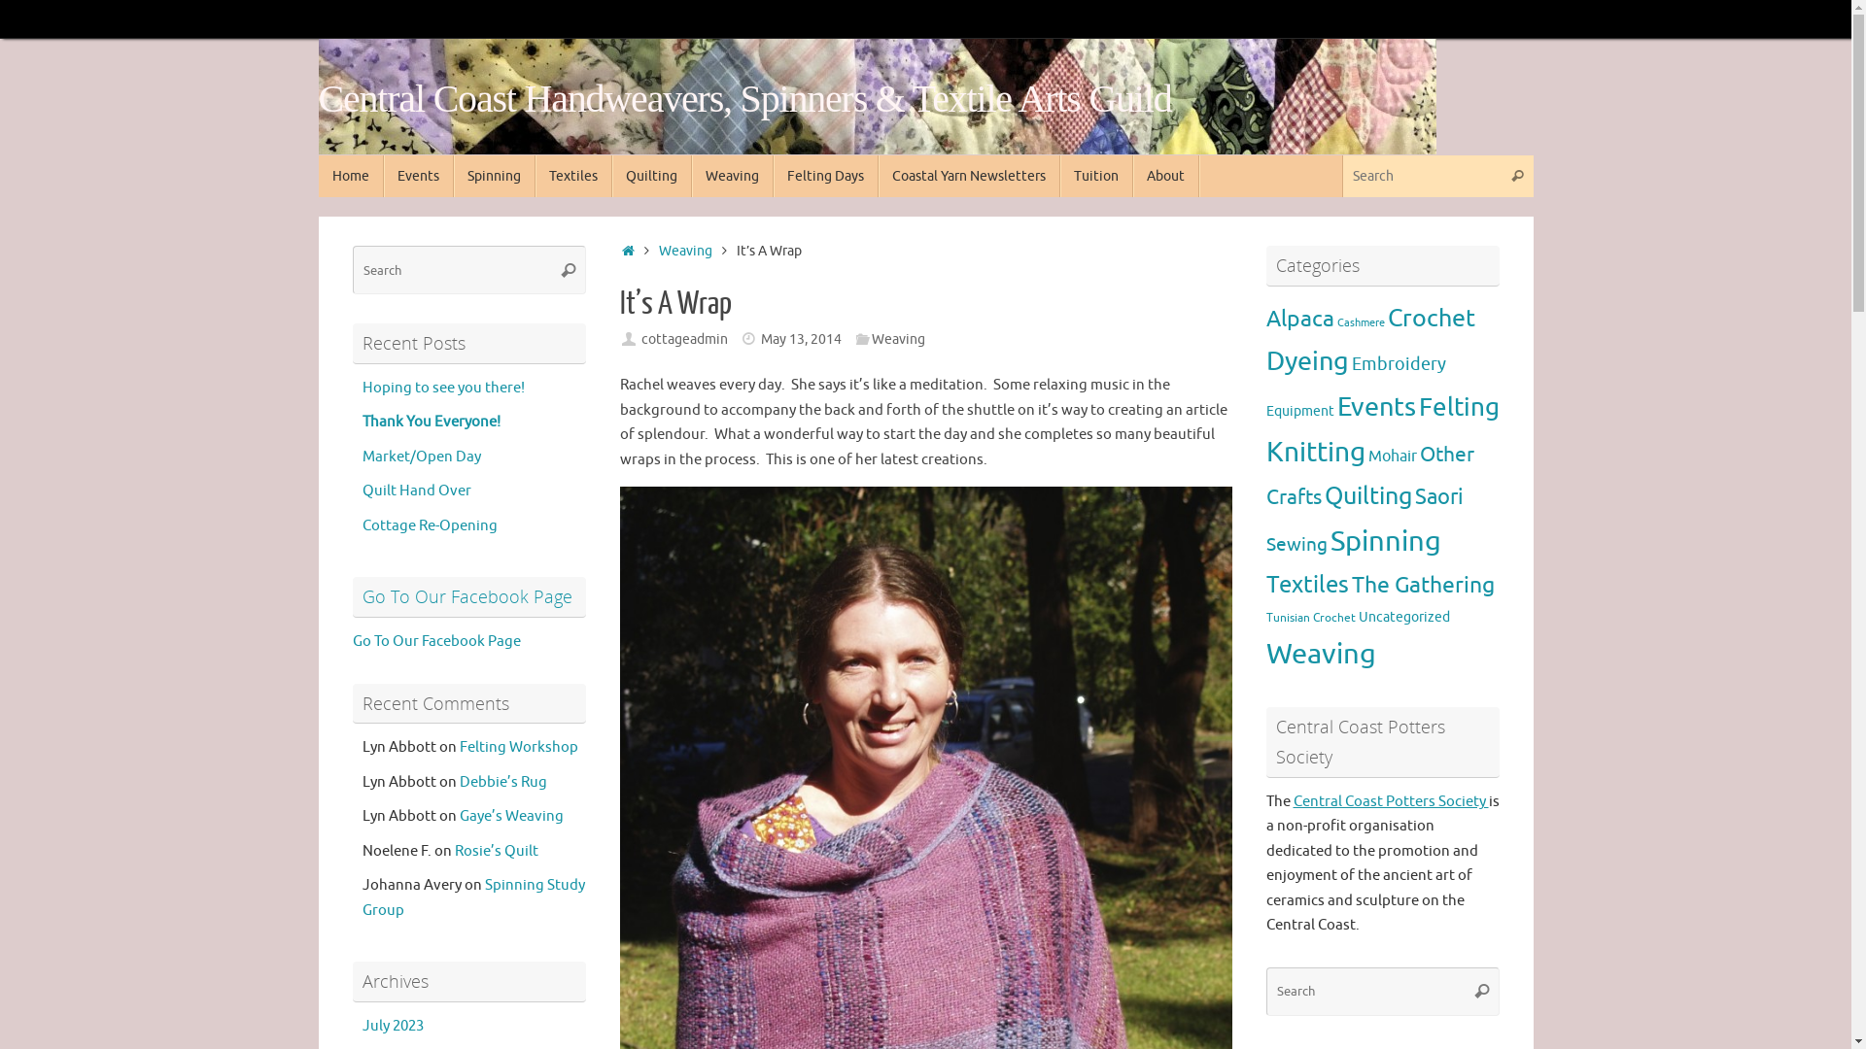  Describe the element at coordinates (1392, 456) in the screenshot. I see `'Mohair'` at that location.